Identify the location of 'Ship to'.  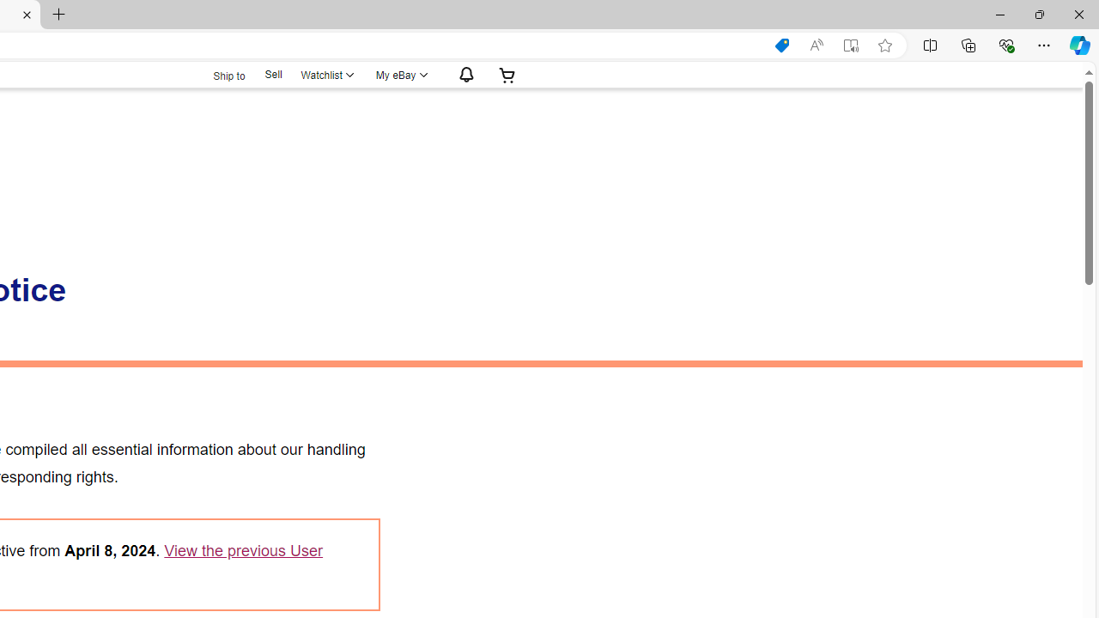
(217, 73).